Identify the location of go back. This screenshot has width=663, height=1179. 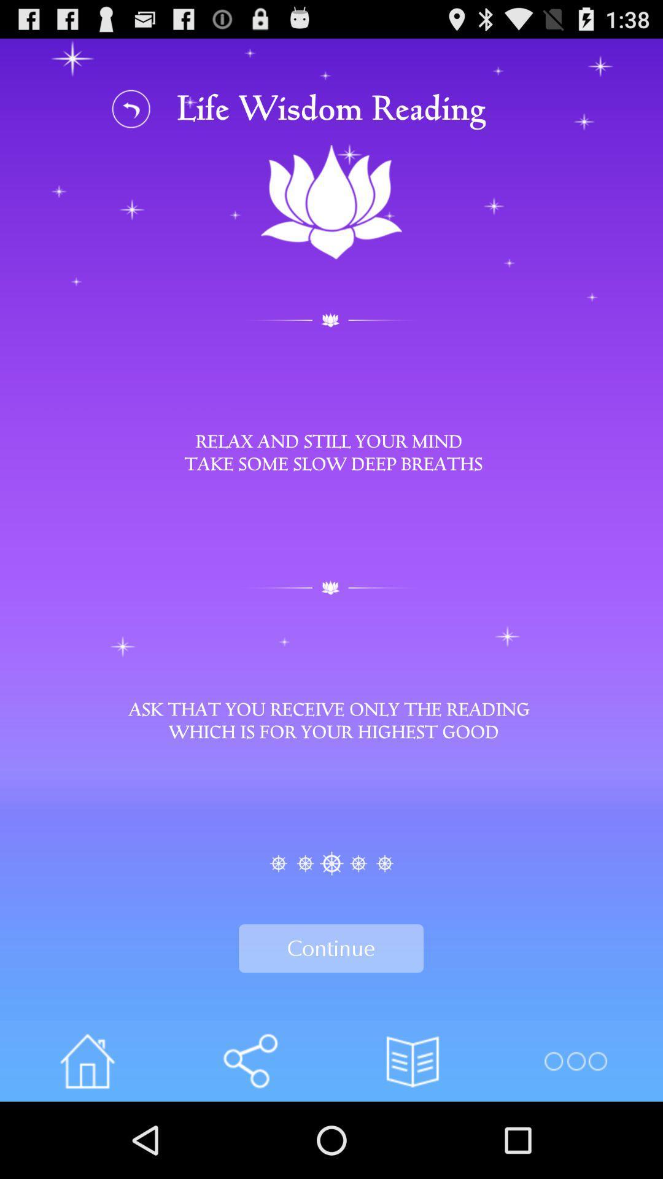
(131, 109).